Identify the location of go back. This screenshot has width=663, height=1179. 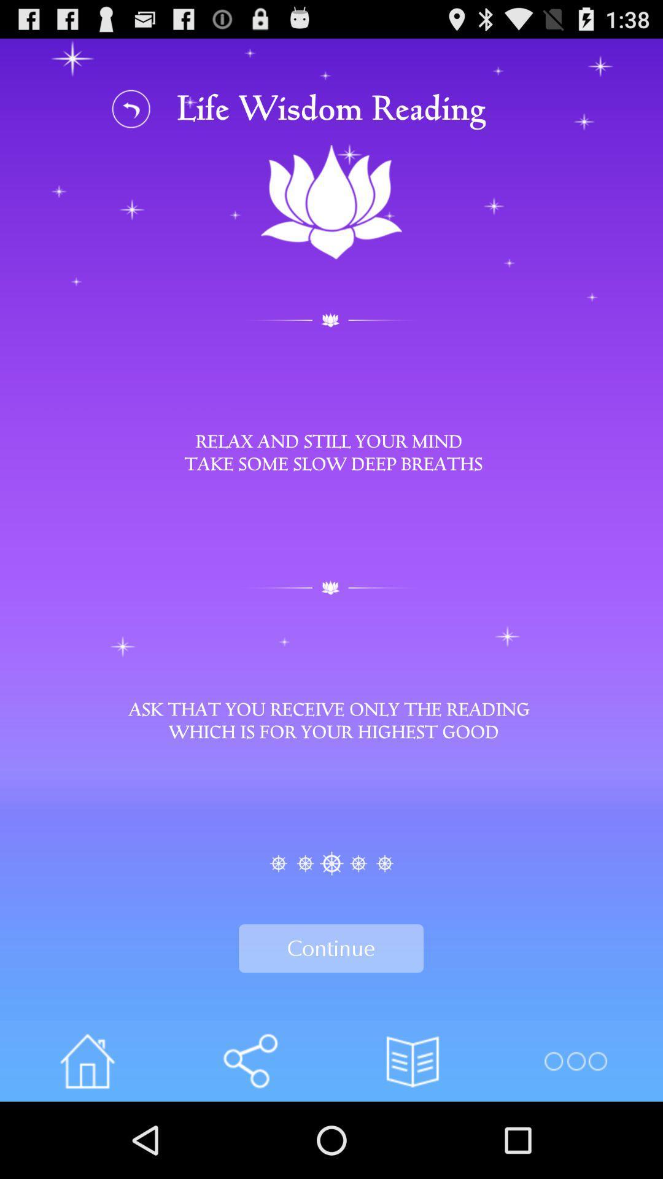
(131, 109).